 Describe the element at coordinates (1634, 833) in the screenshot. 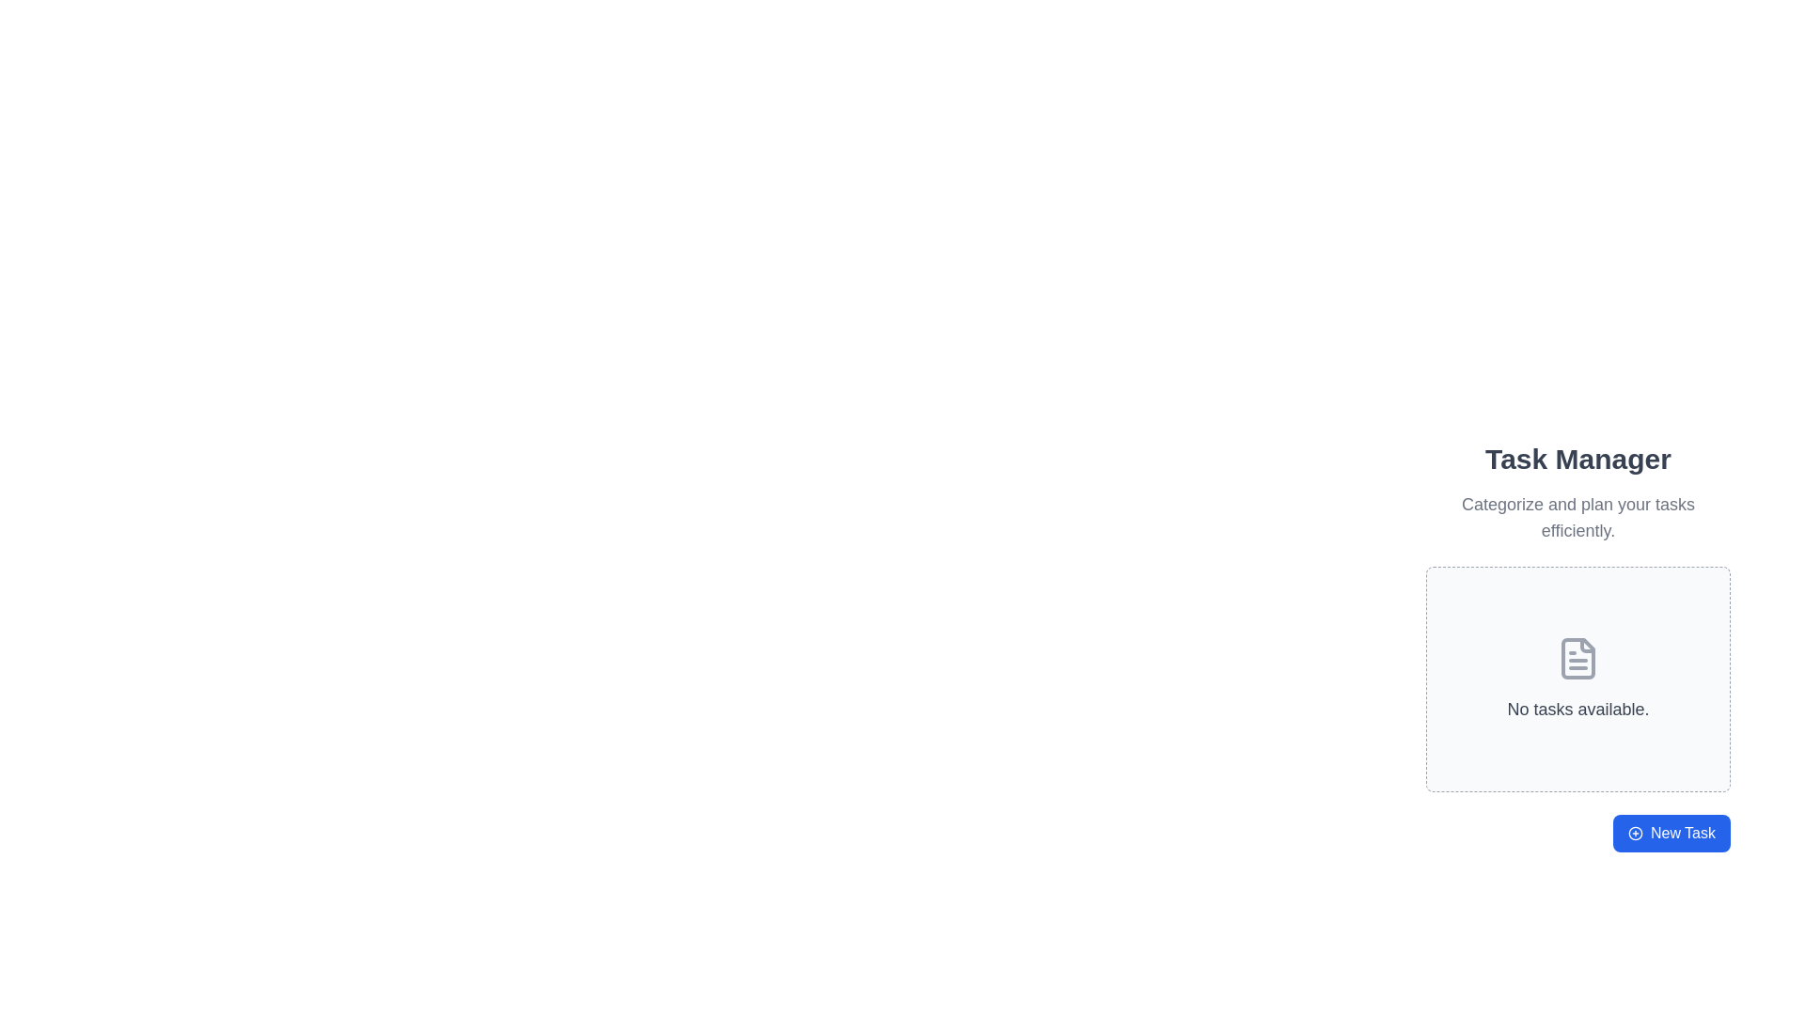

I see `the circular icon with a plus symbol at its center, styled with a blue background and white strokes, located at the left edge within the 'New Task' button at the bottom-right corner of the interface to possibly reveal more information` at that location.